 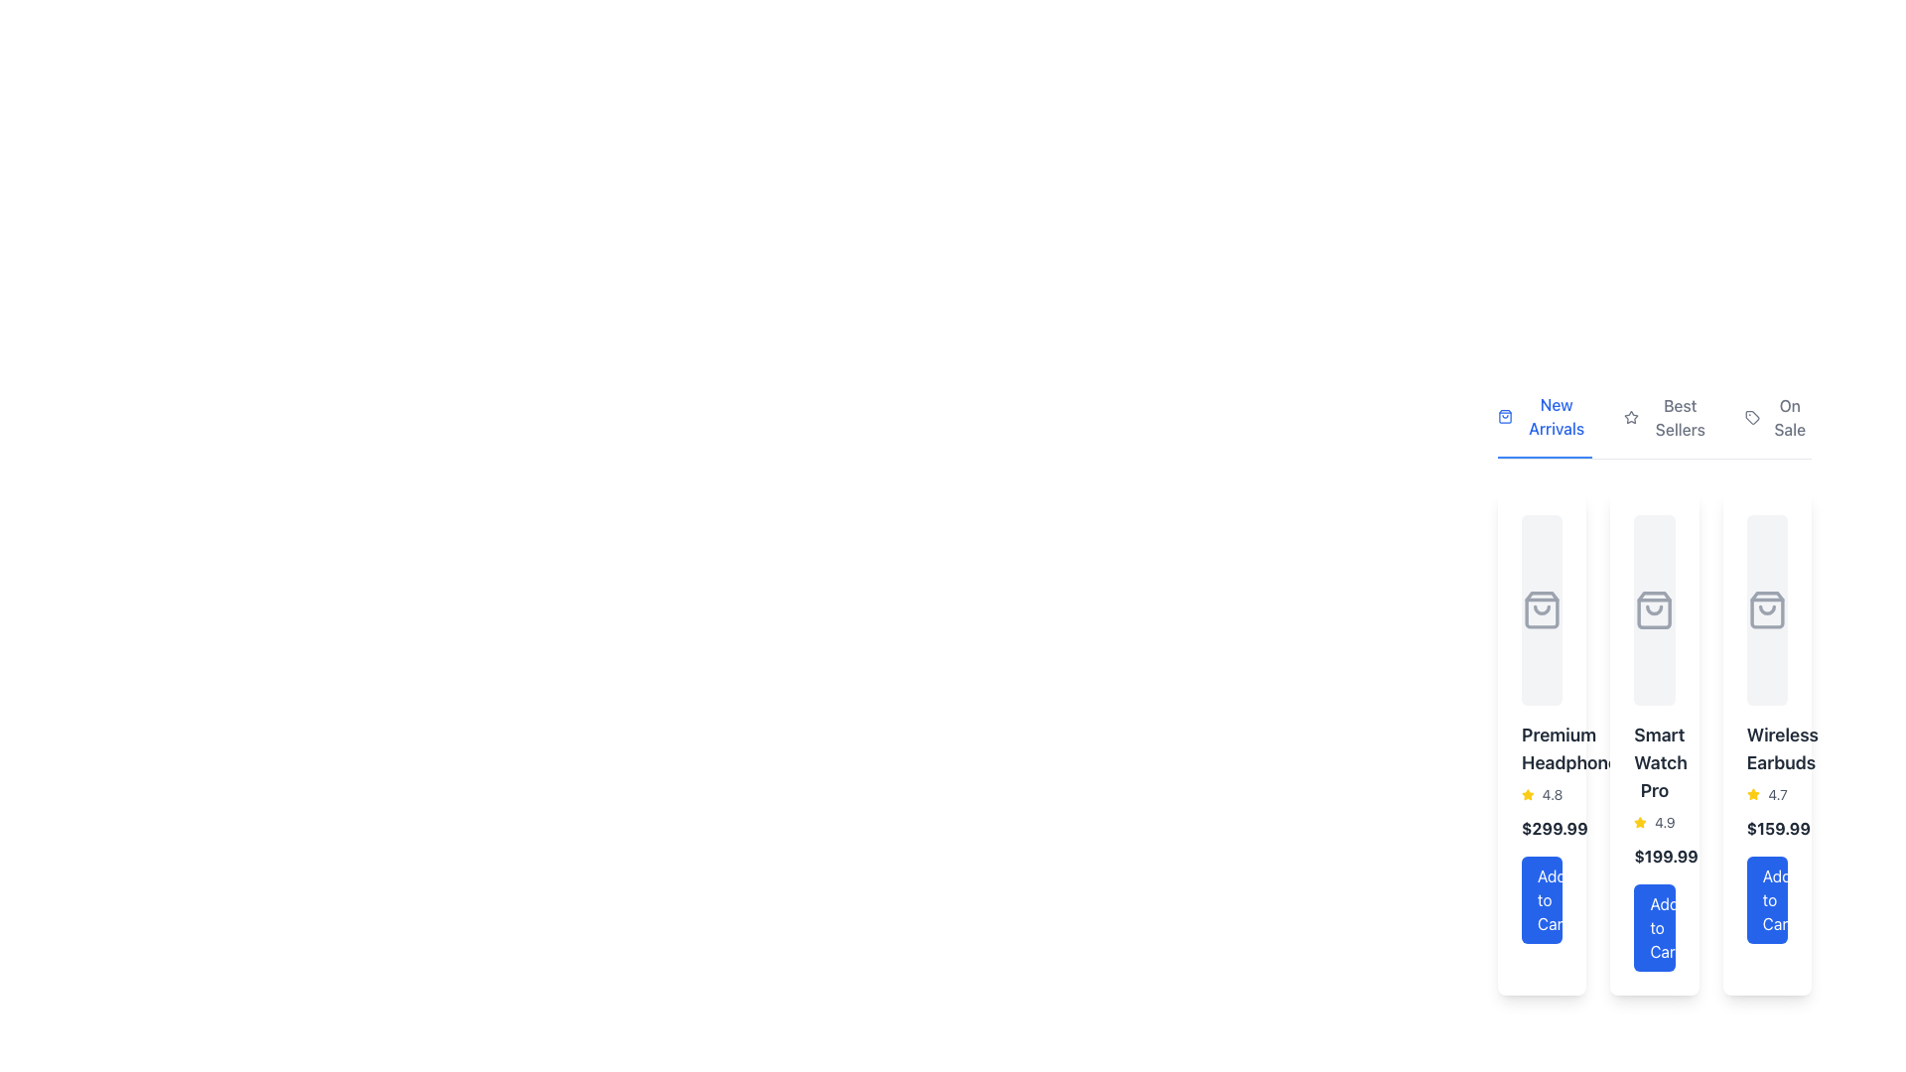 What do you see at coordinates (1767, 608) in the screenshot?
I see `the shopping bag icon located in the third product card under the 'New Arrivals' section` at bounding box center [1767, 608].